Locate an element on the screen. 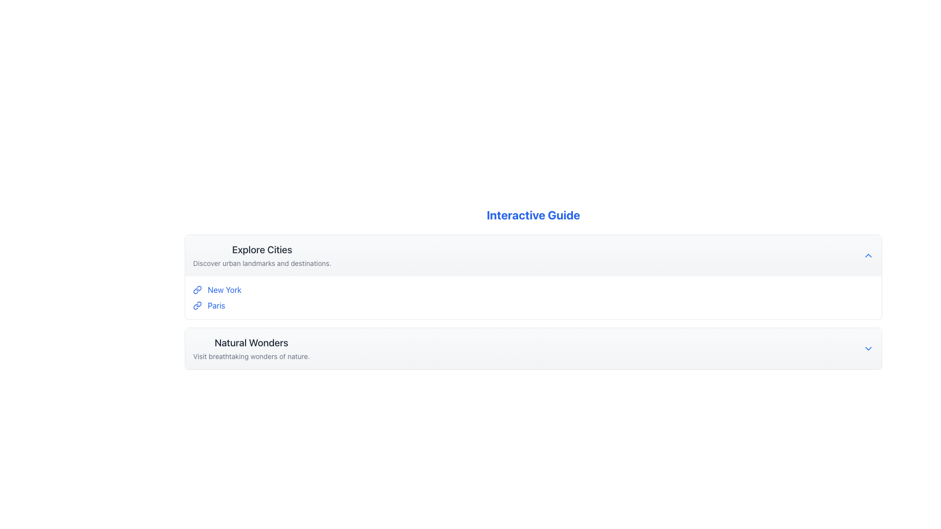  the blue outlined chain icon located to the left of the 'New York' text link in the 'Explore Cities' section is located at coordinates (197, 289).